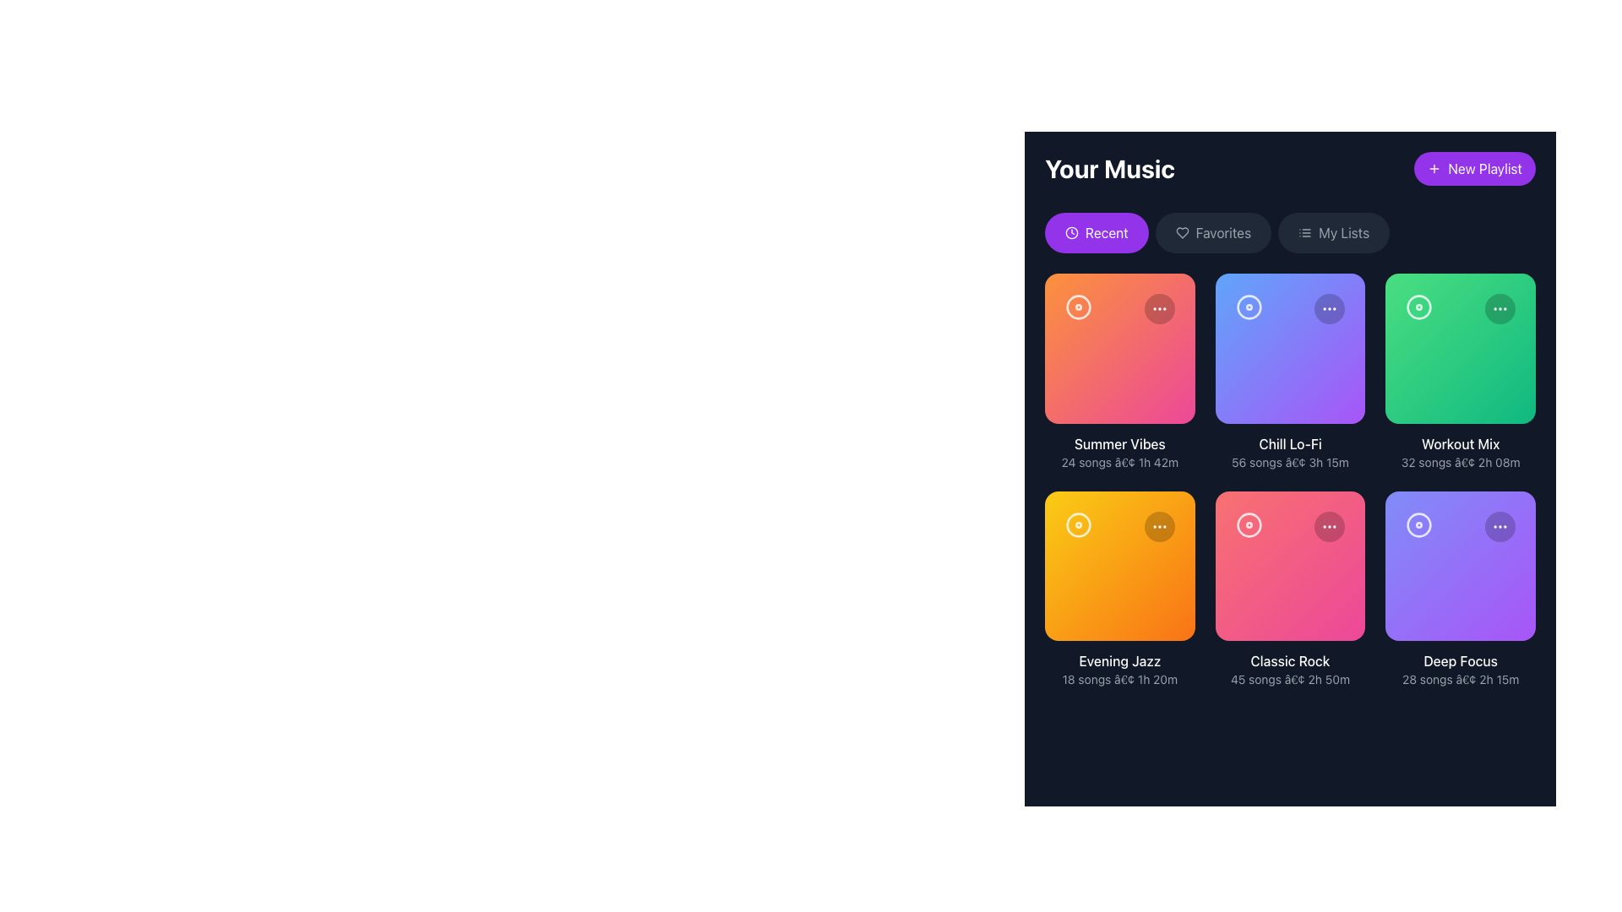  Describe the element at coordinates (1500, 309) in the screenshot. I see `the circular button with three horizontal white dots in the top-right corner of the 'Workout Mix' block` at that location.